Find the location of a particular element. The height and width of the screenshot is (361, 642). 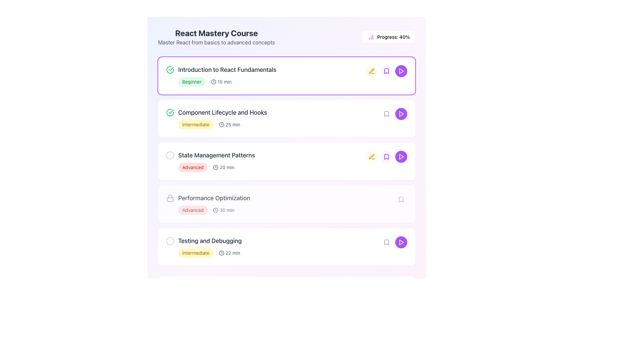

the icon representing the time required for the course section, located to the left of the '30 min' text label in the 'Performance Optimization' section of the course list is located at coordinates (216, 210).